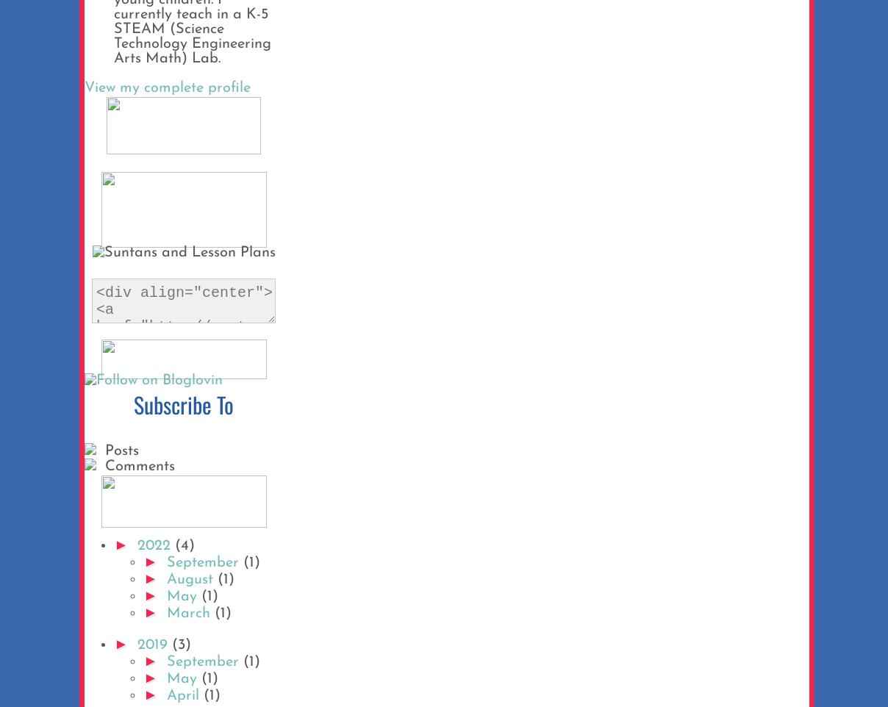 This screenshot has width=888, height=707. I want to click on 'View my complete profile', so click(167, 87).